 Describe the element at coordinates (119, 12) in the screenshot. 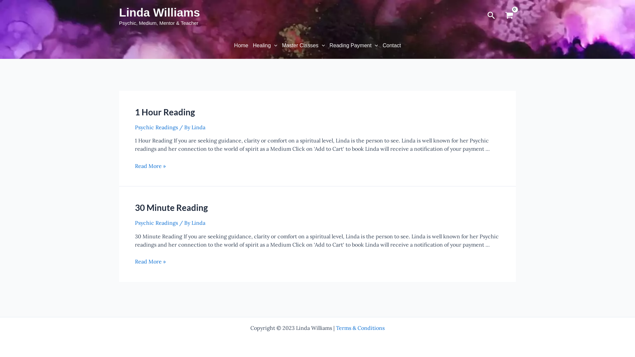

I see `'Linda Williams'` at that location.